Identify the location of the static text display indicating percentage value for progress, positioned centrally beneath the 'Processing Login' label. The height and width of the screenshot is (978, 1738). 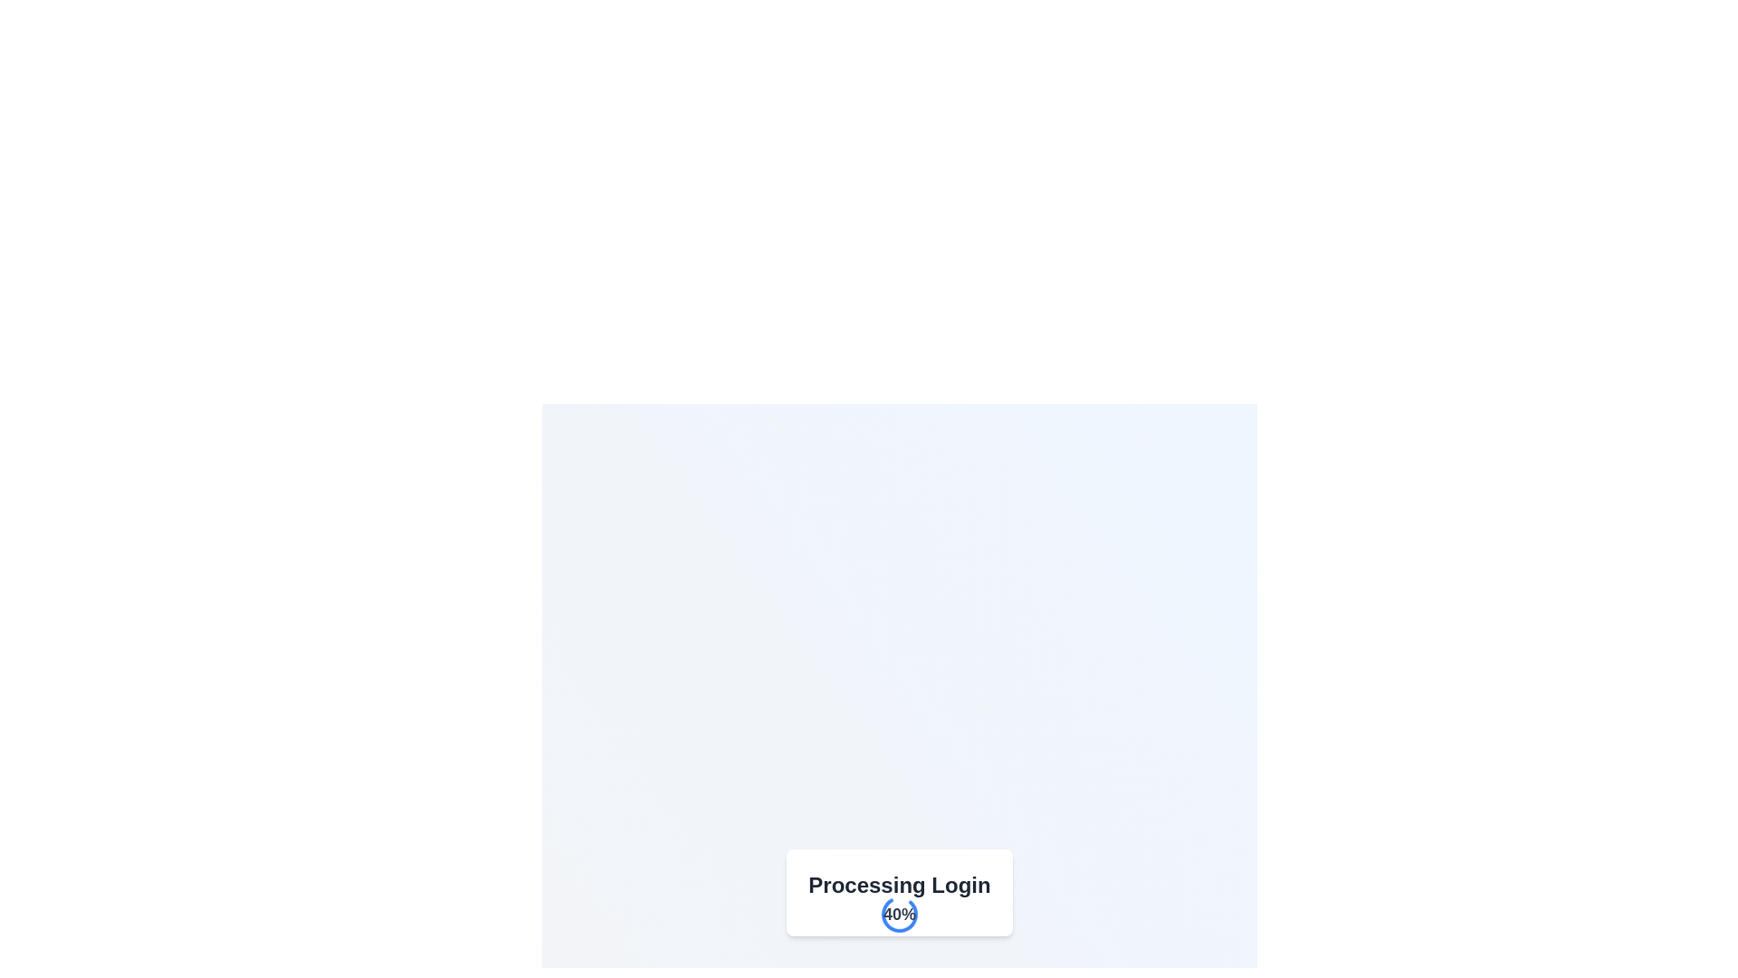
(899, 915).